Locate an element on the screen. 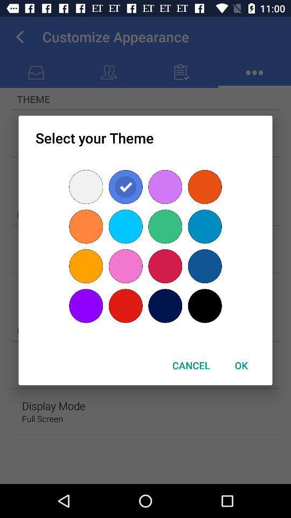 The width and height of the screenshot is (291, 518). the item at the bottom is located at coordinates (190, 365).